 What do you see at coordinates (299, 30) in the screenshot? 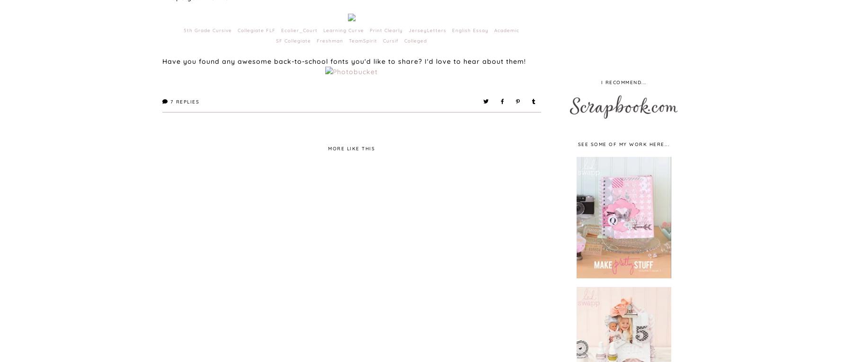
I see `'Ecolier_Court'` at bounding box center [299, 30].